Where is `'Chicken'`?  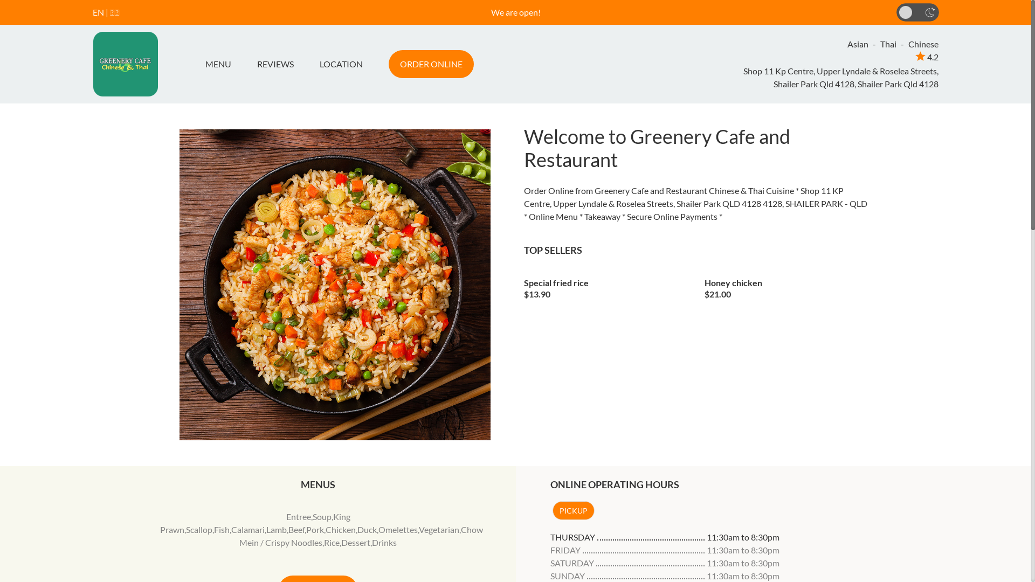
'Chicken' is located at coordinates (340, 529).